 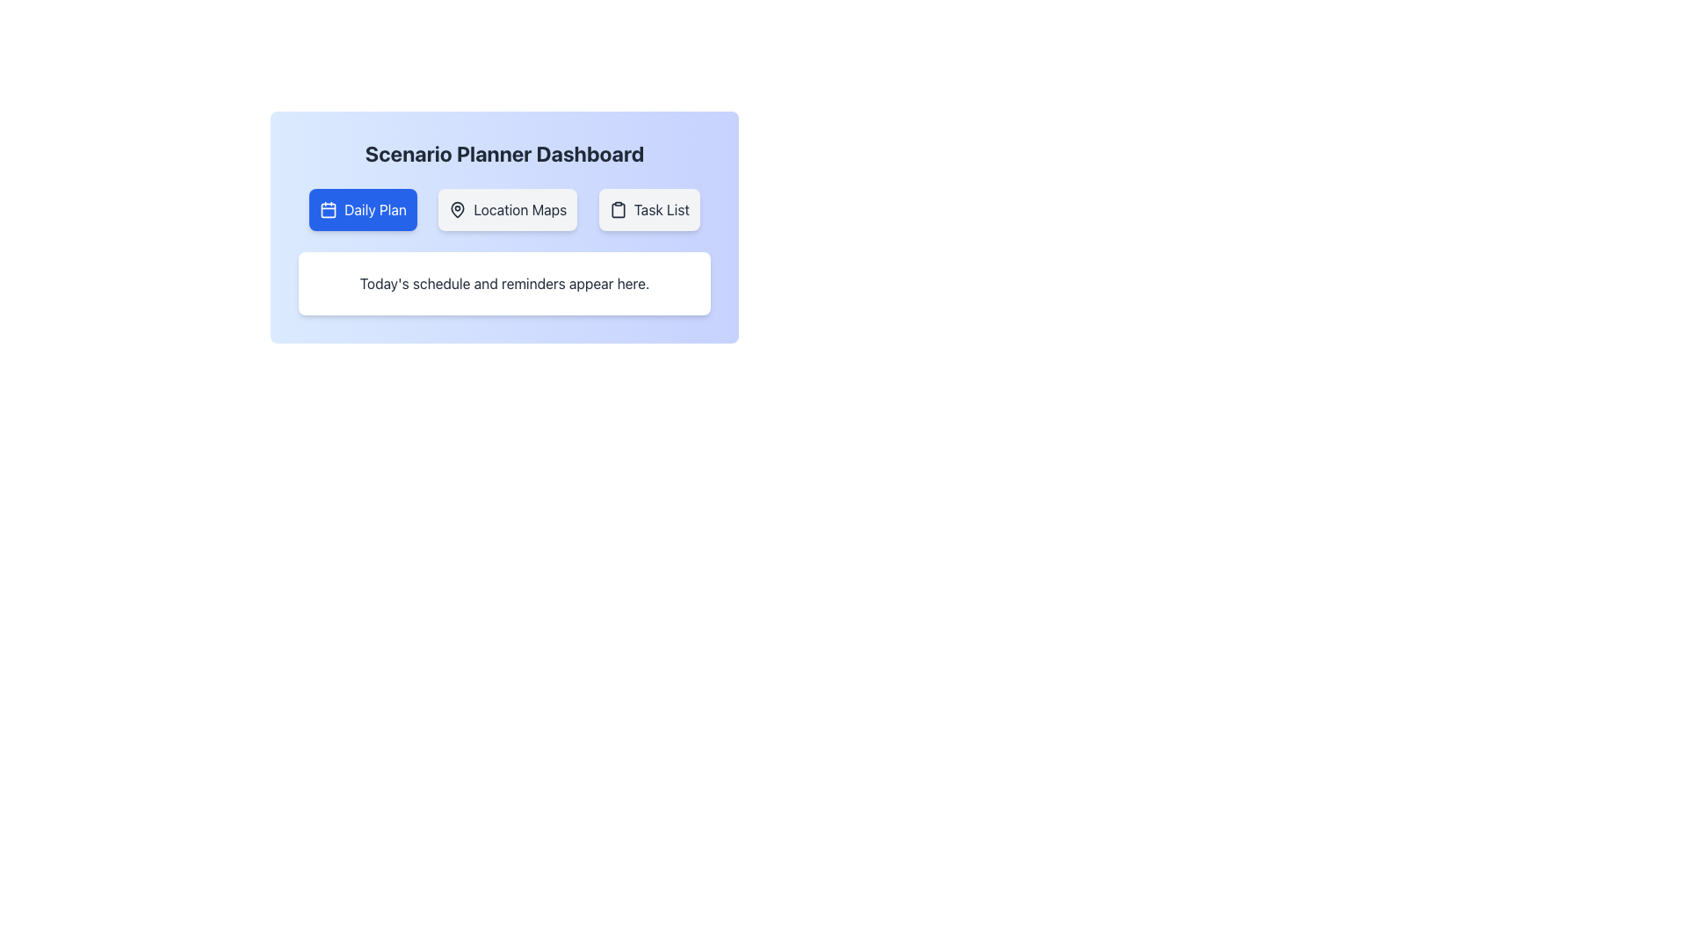 I want to click on the 'Location Maps' static text within the middle button of the three-button group on the Scenario Planner Dashboard, so click(x=519, y=209).